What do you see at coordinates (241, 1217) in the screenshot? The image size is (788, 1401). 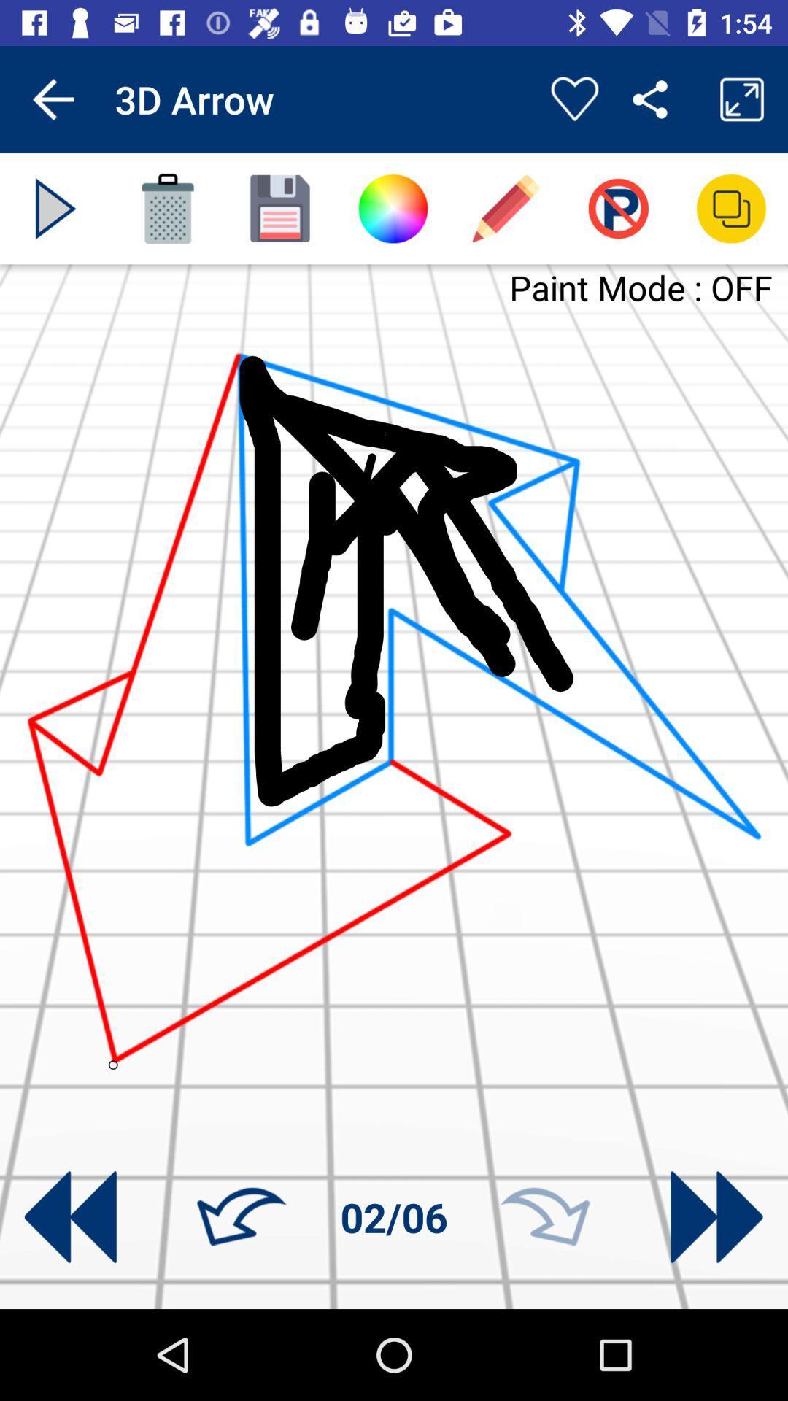 I see `the icon to the left of the 02/06 icon` at bounding box center [241, 1217].